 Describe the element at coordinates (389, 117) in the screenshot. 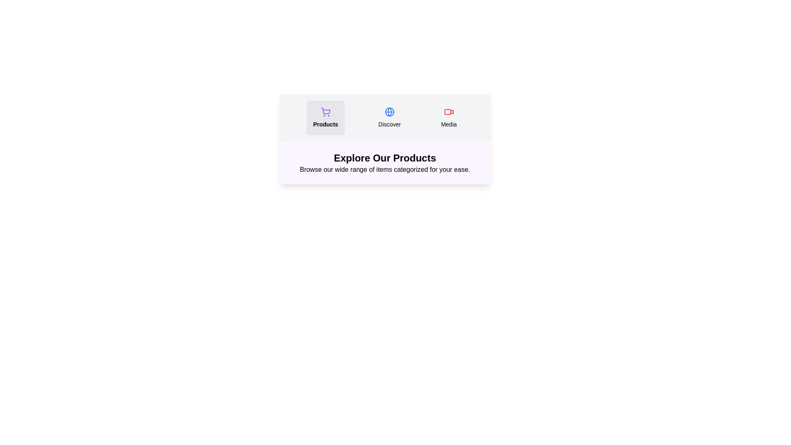

I see `the Discover tab by clicking on its button` at that location.